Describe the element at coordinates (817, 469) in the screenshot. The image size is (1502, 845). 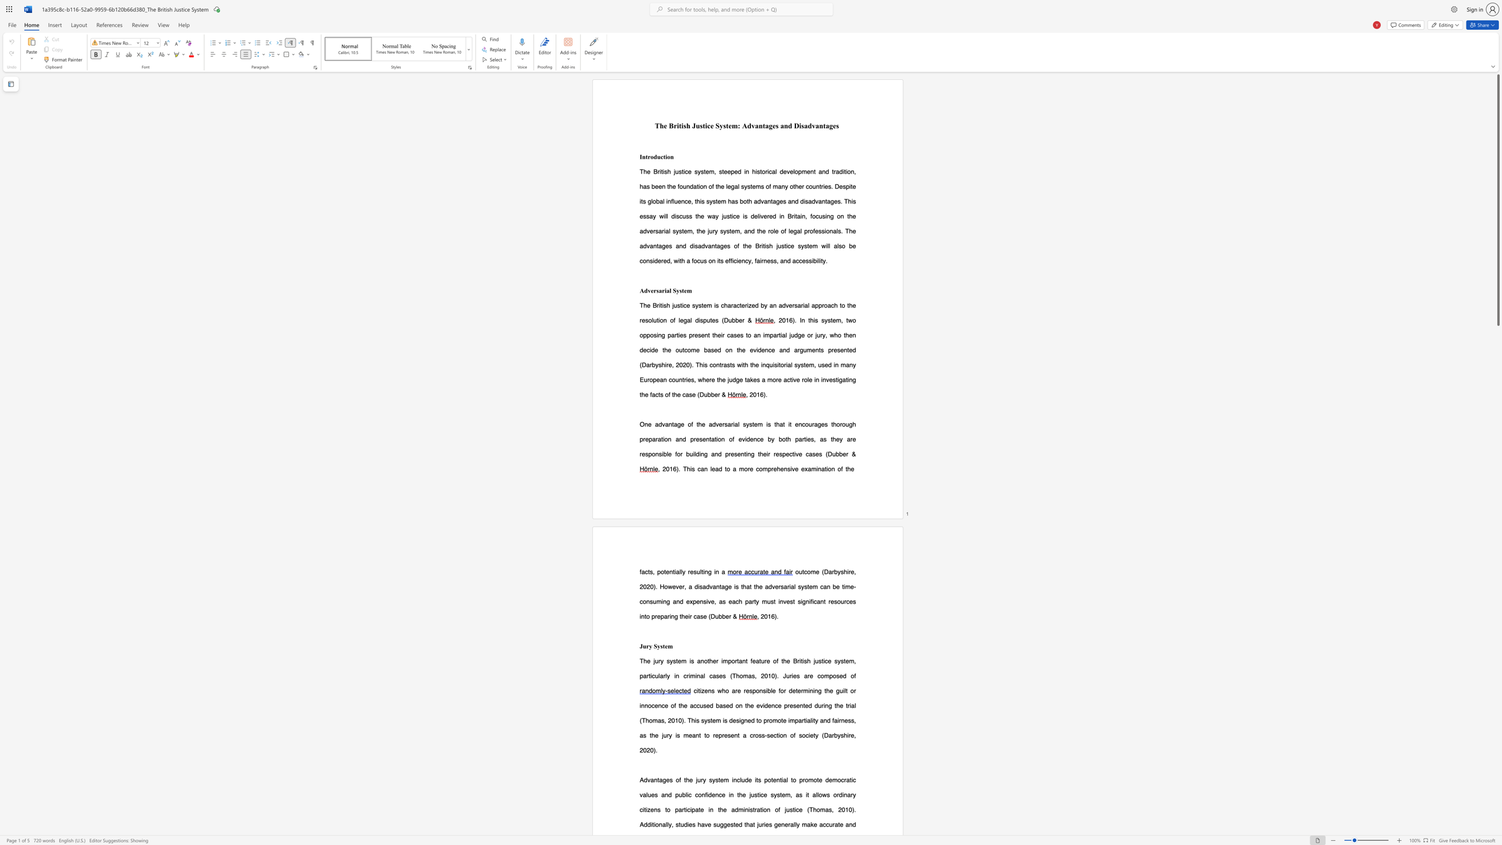
I see `the 3th character "i" in the text` at that location.